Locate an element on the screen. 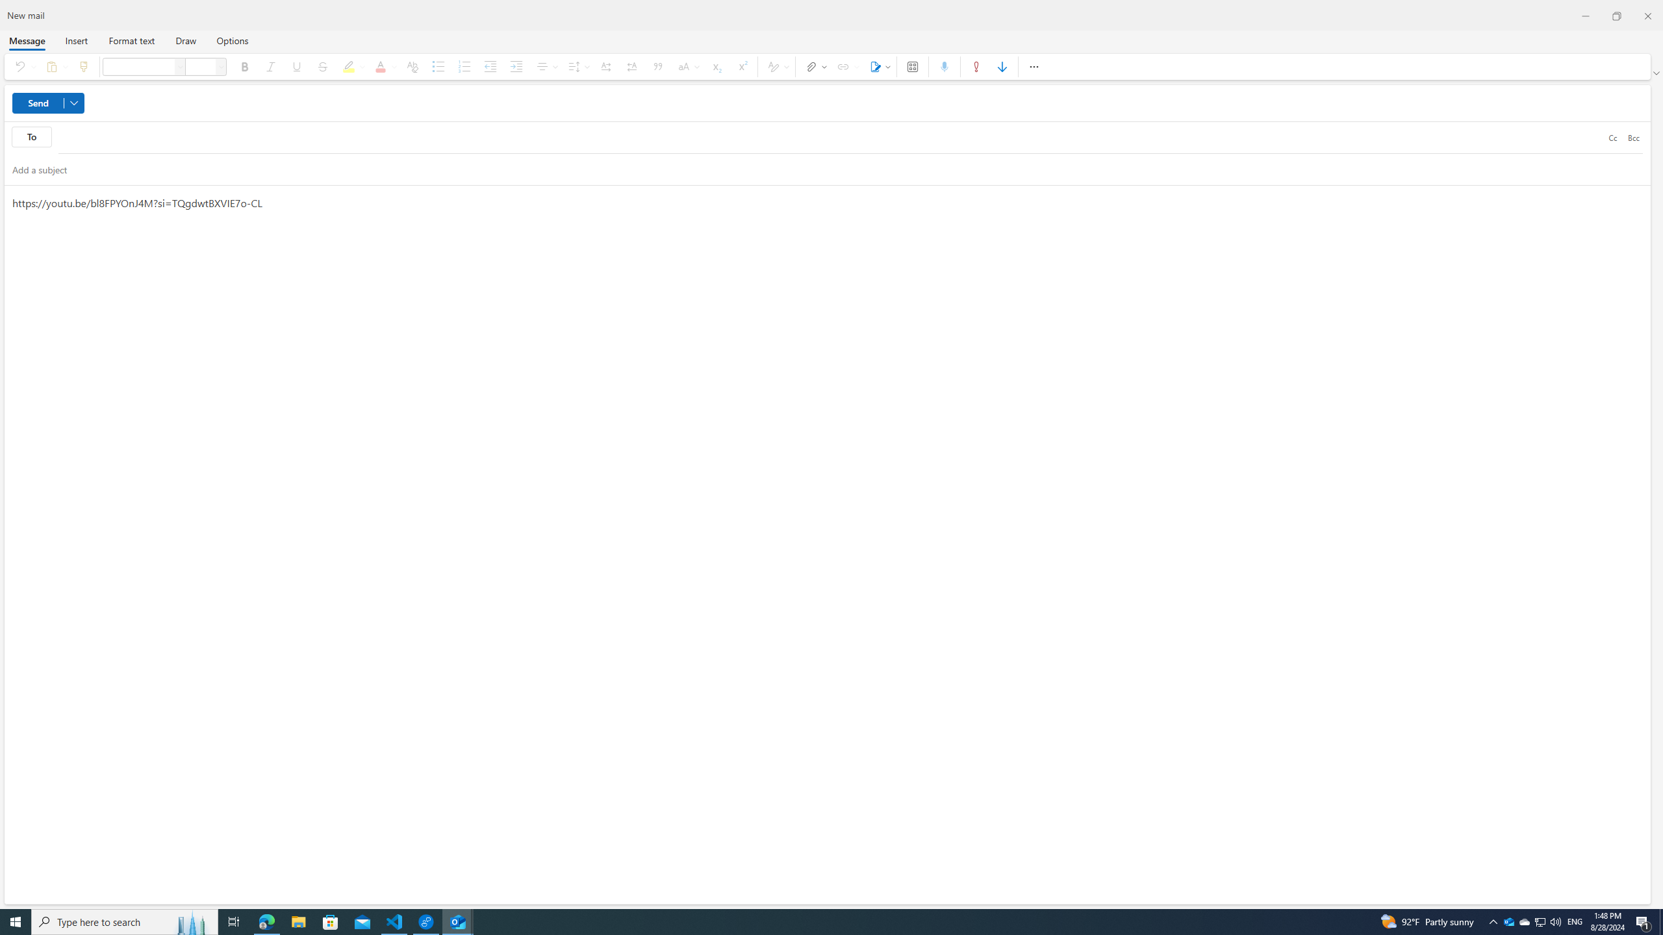 The image size is (1663, 935). 'Underline' is located at coordinates (296, 66).